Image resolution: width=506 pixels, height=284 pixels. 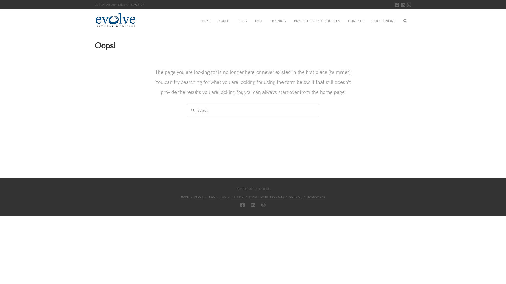 What do you see at coordinates (278, 21) in the screenshot?
I see `'TRAINING'` at bounding box center [278, 21].